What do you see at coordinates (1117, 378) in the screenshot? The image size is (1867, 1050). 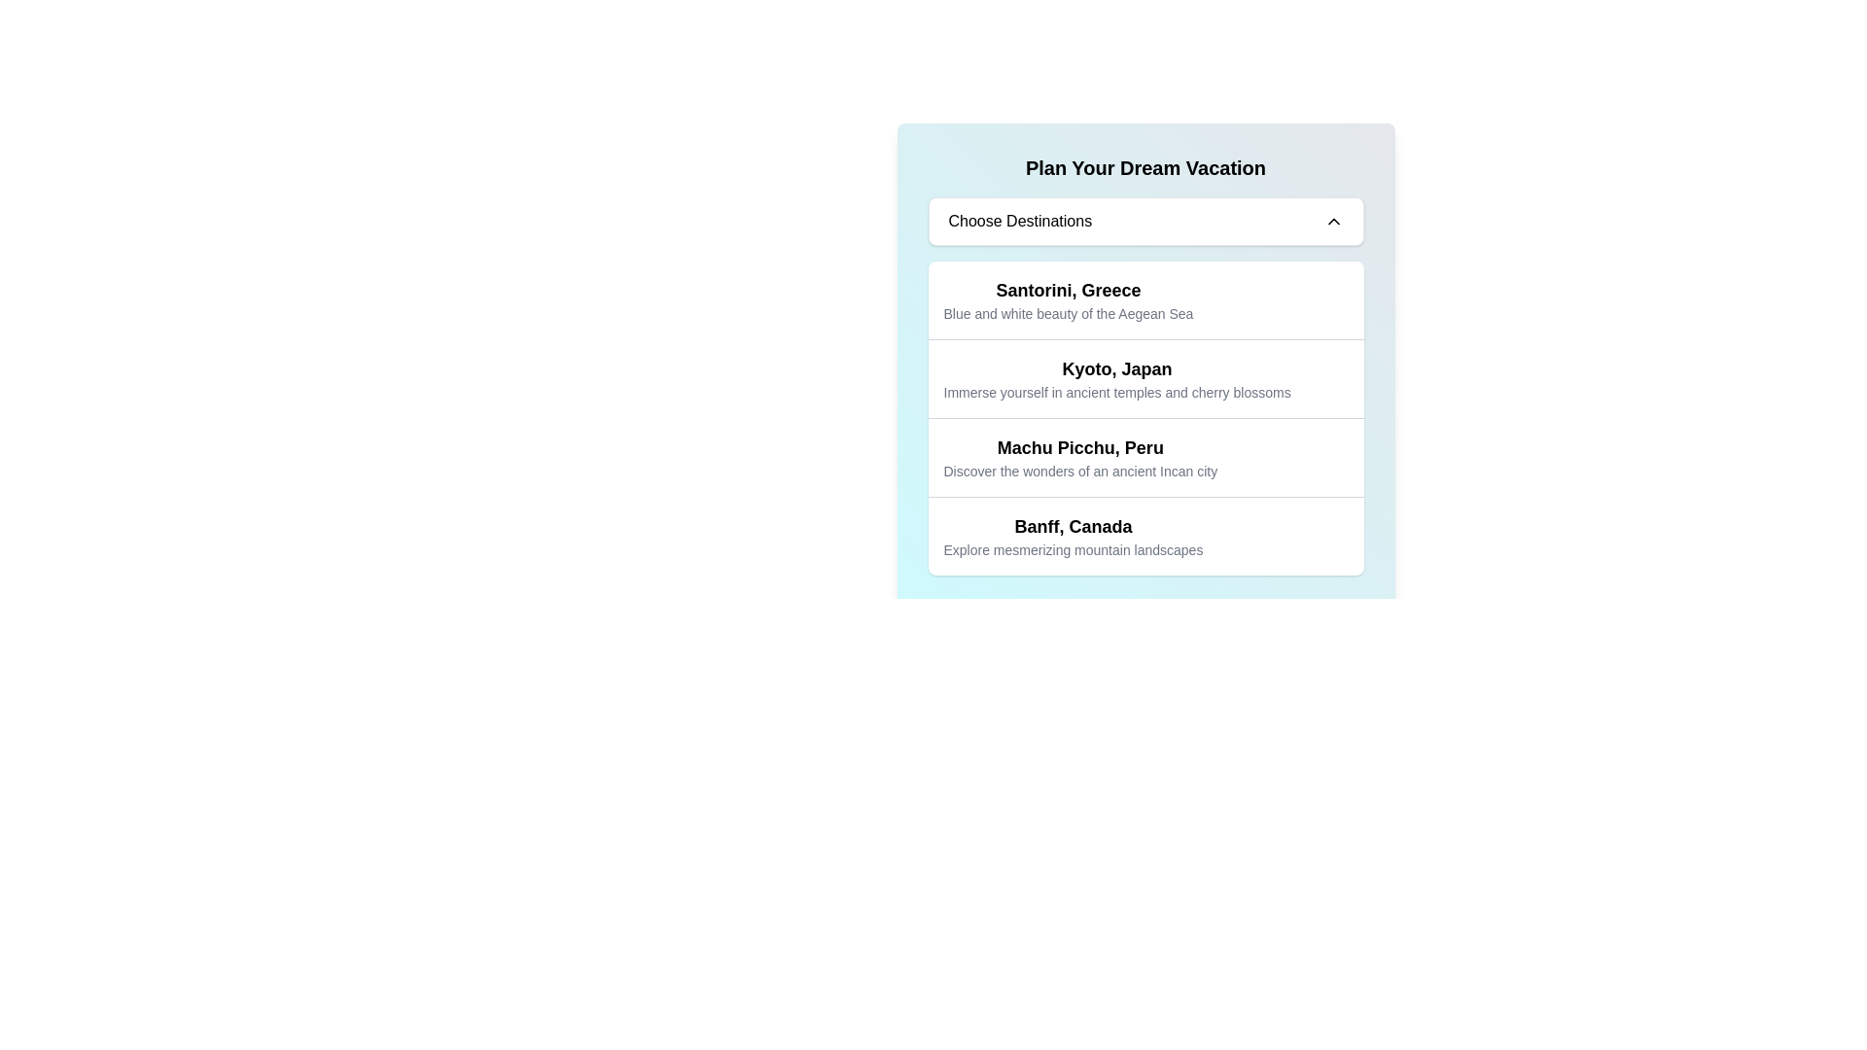 I see `the Textual Description Block titled 'Kyoto, Japan'` at bounding box center [1117, 378].